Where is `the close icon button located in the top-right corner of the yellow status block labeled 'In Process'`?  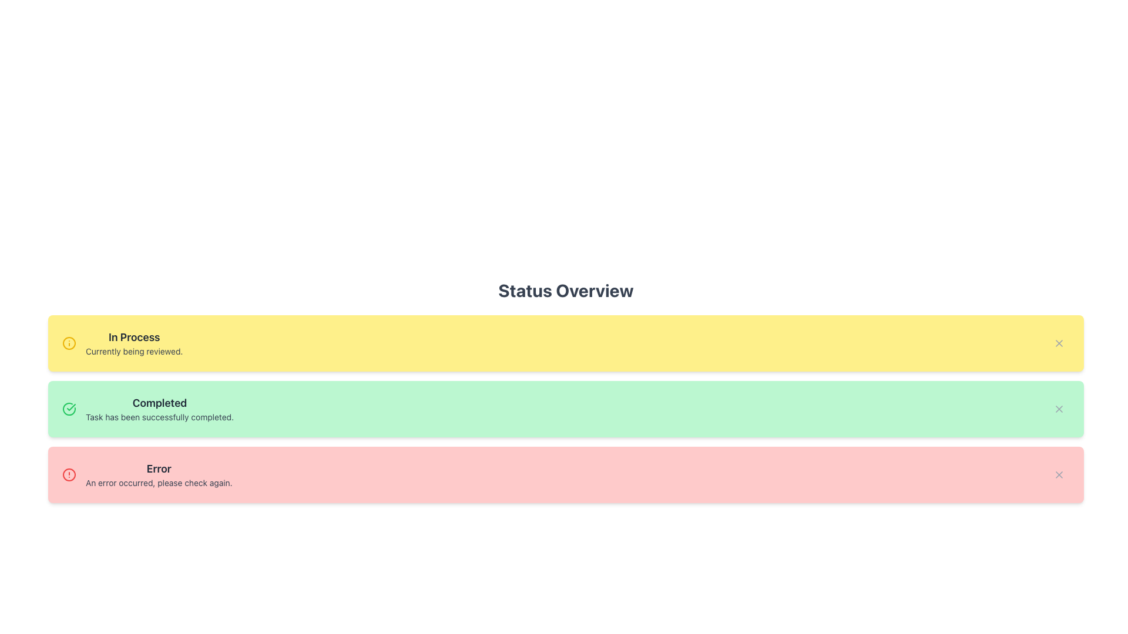
the close icon button located in the top-right corner of the yellow status block labeled 'In Process' is located at coordinates (1059, 343).